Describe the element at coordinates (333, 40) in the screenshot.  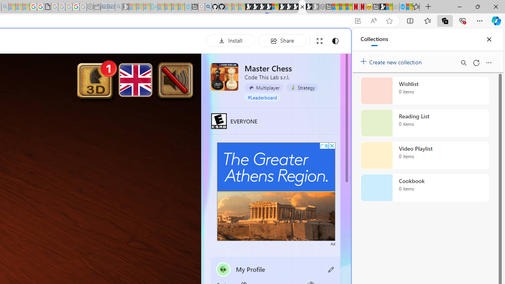
I see `'Close split screen'` at that location.